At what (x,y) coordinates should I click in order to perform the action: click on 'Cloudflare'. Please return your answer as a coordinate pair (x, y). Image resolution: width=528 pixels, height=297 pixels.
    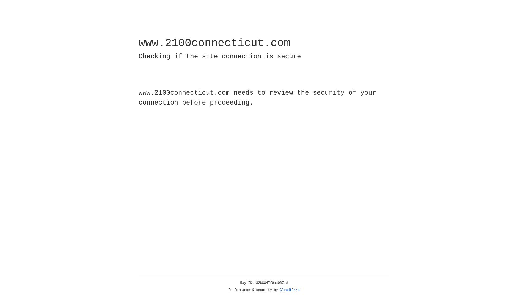
    Looking at the image, I should click on (290, 290).